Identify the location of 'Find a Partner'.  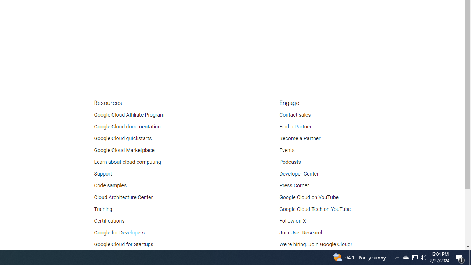
(295, 126).